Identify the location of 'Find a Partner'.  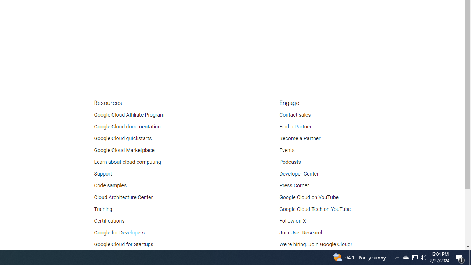
(295, 126).